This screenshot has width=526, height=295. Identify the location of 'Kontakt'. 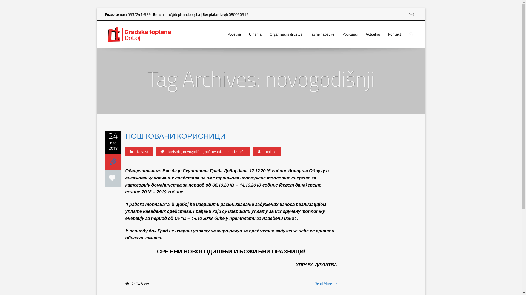
(395, 34).